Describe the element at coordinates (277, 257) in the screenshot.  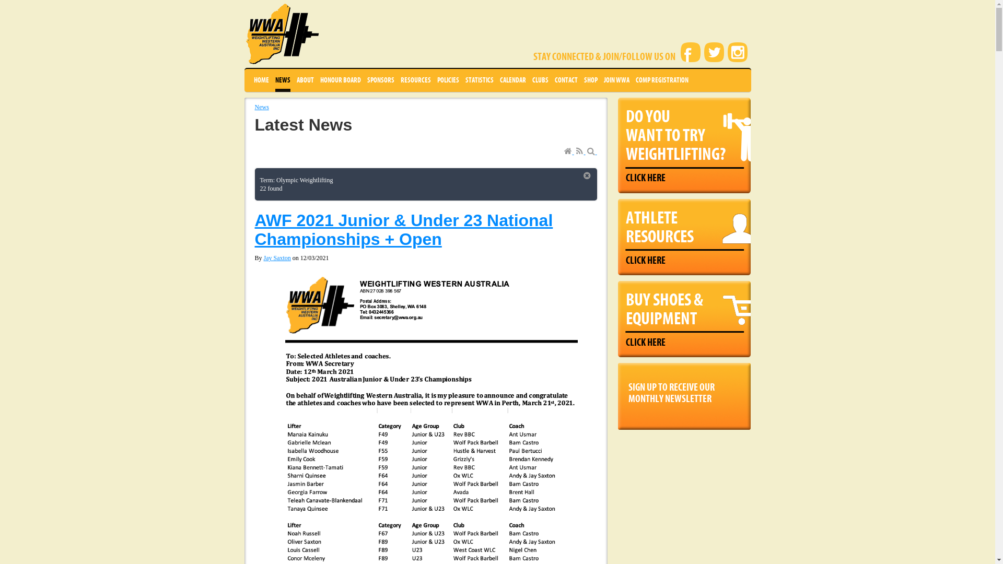
I see `'Jay Saxton'` at that location.